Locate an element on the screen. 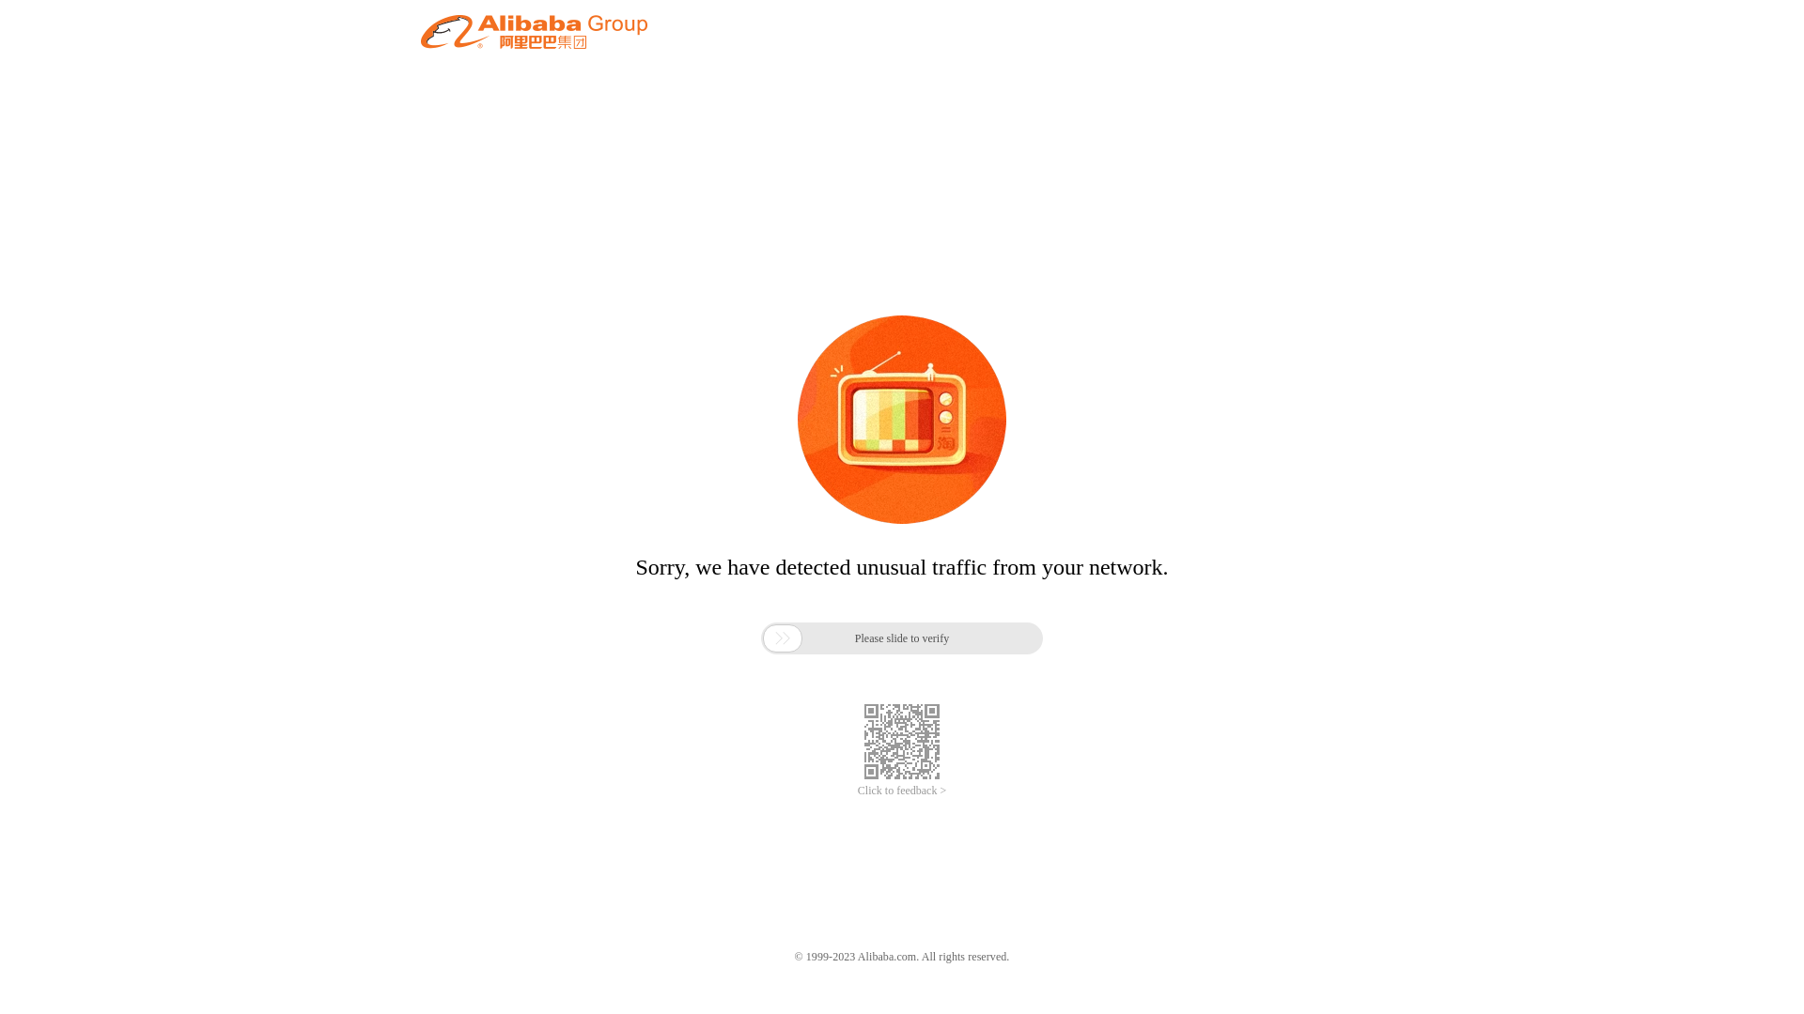 Image resolution: width=1804 pixels, height=1014 pixels. 'Click to feedback >' is located at coordinates (902, 791).